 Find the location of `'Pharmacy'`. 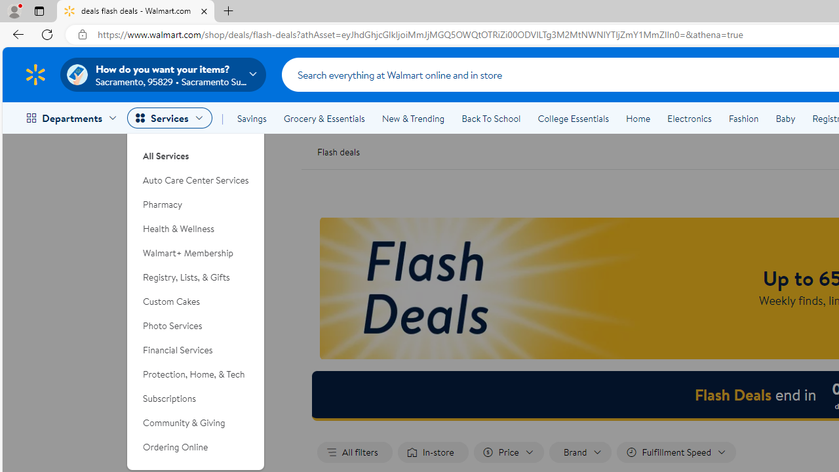

'Pharmacy' is located at coordinates (195, 205).